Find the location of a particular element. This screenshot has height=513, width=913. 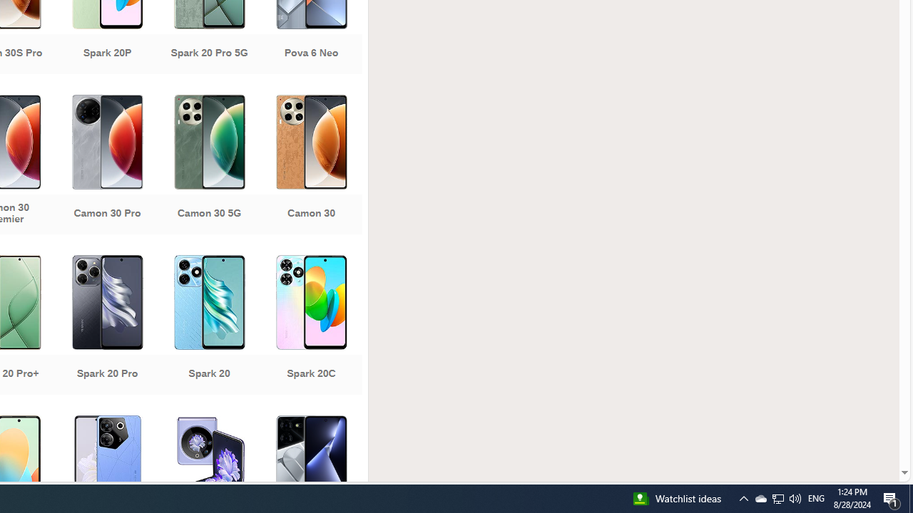

'Camon 30 5G' is located at coordinates (208, 165).